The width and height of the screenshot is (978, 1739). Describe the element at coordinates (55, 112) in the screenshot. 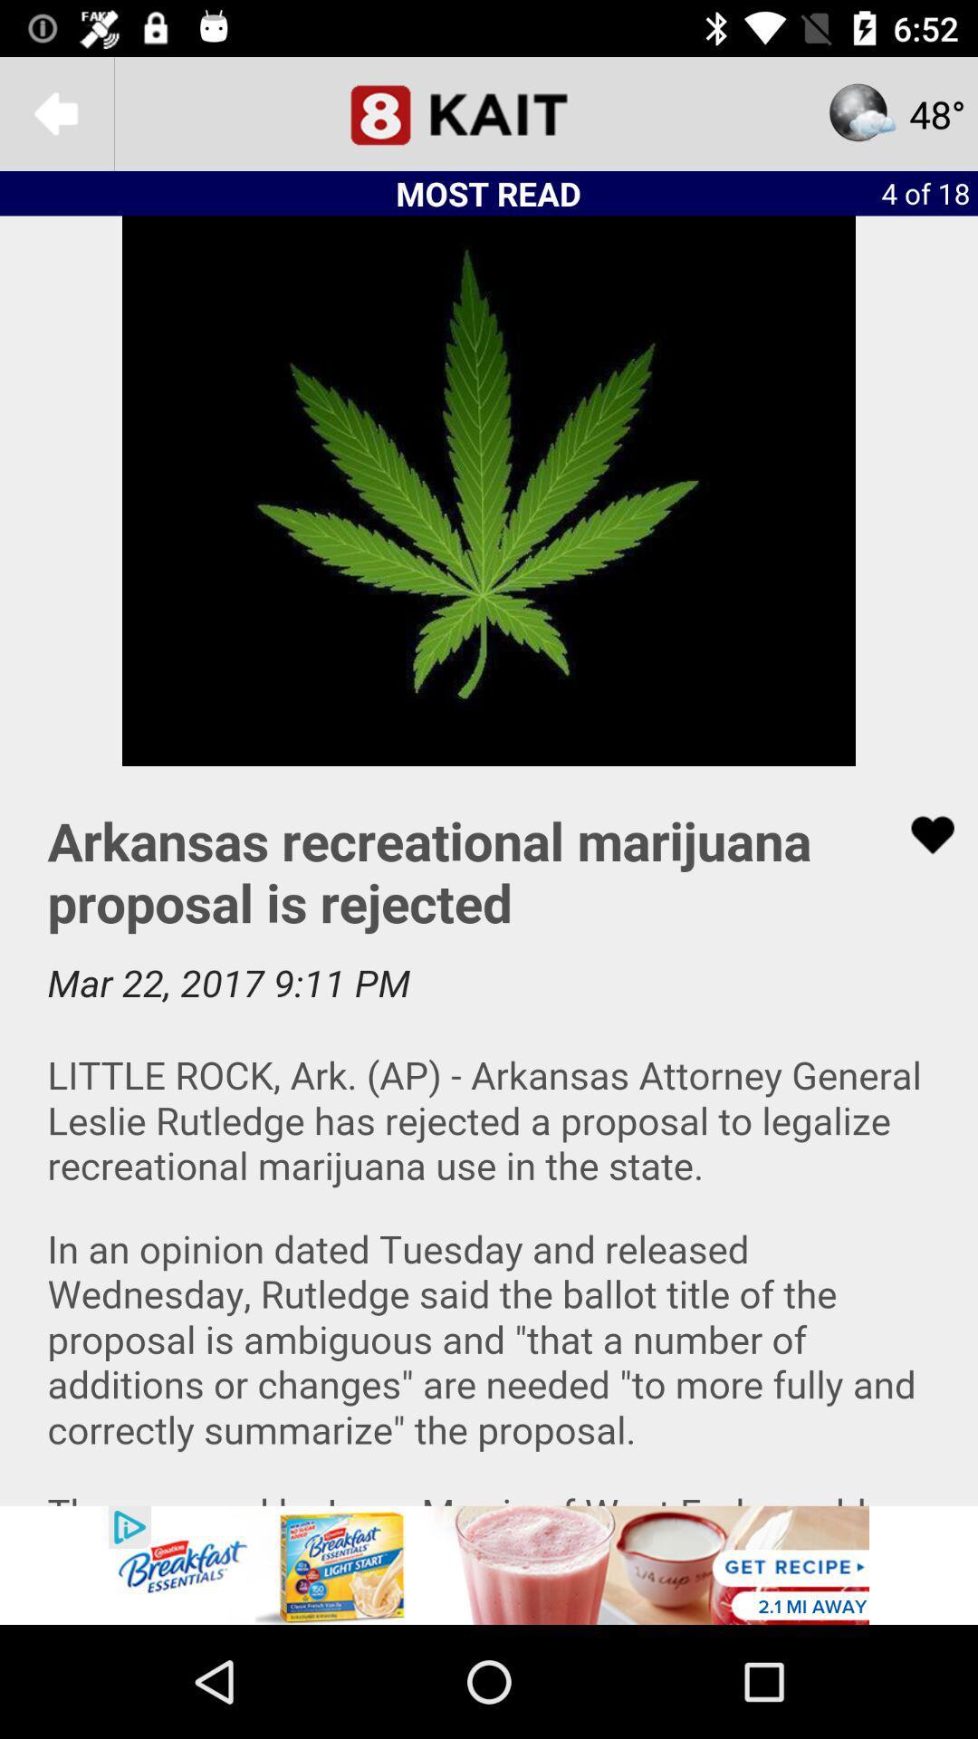

I see `the arrow_backward icon` at that location.